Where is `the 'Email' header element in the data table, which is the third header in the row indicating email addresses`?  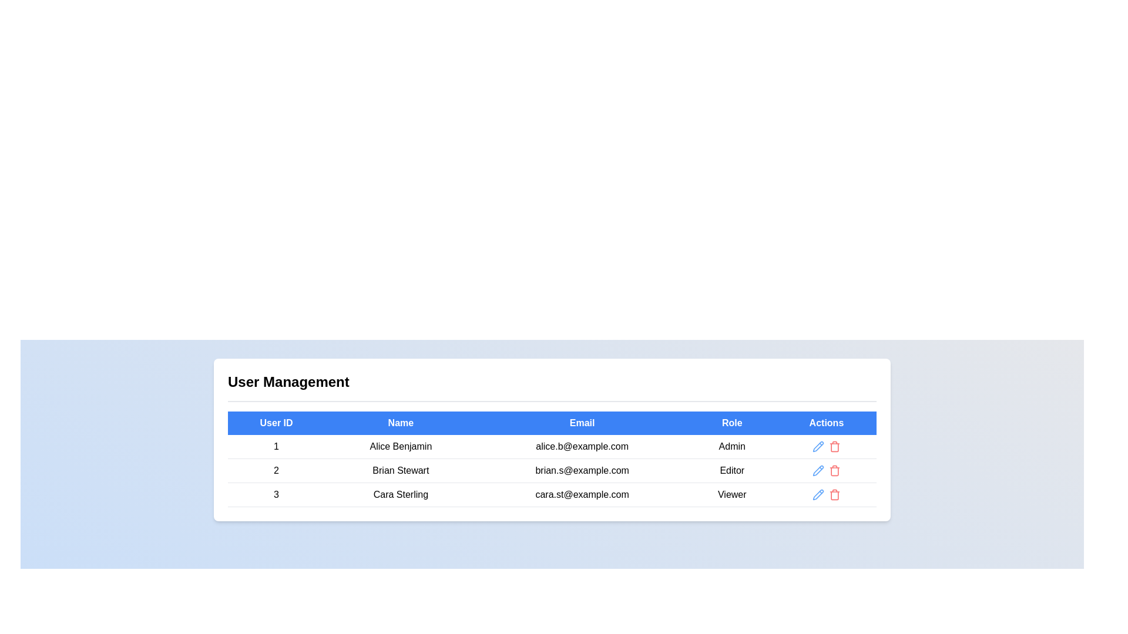 the 'Email' header element in the data table, which is the third header in the row indicating email addresses is located at coordinates (582, 423).